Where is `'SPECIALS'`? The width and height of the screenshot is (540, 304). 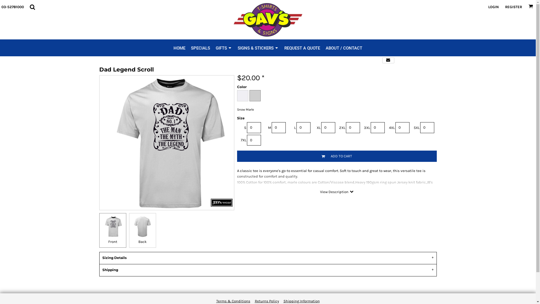 'SPECIALS' is located at coordinates (201, 47).